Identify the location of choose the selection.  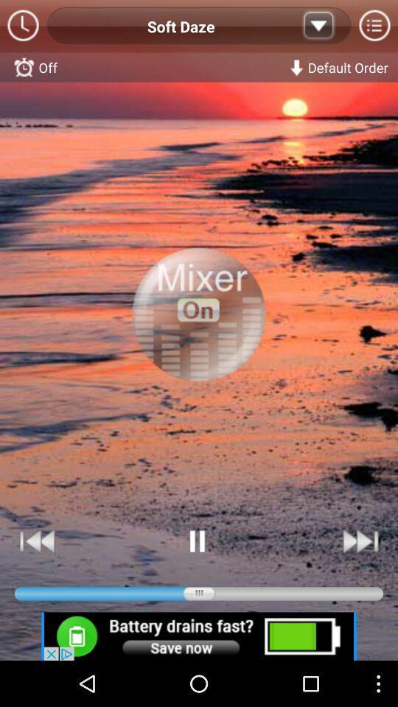
(199, 330).